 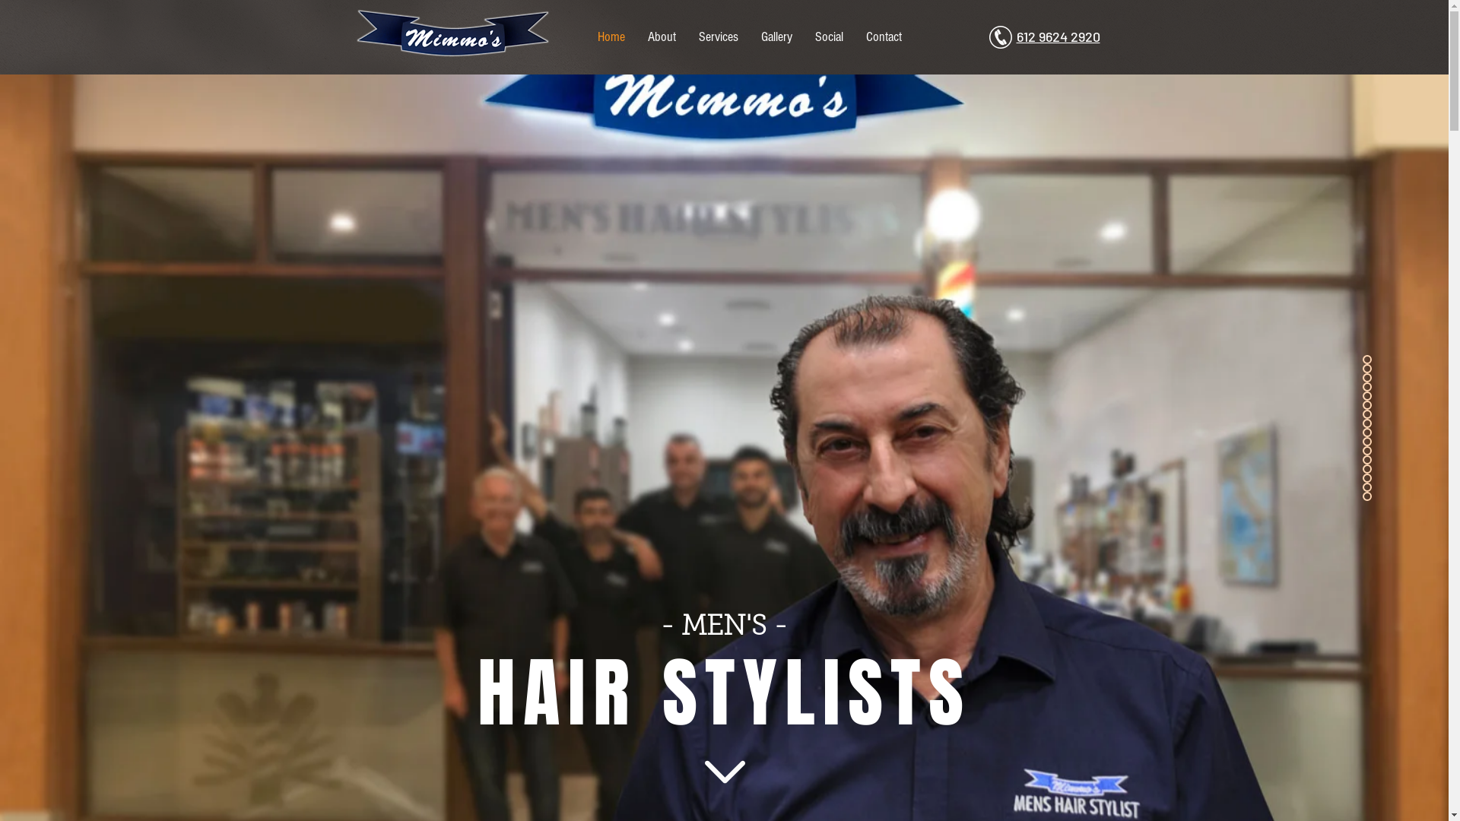 I want to click on '612 9624 2920', so click(x=1057, y=36).